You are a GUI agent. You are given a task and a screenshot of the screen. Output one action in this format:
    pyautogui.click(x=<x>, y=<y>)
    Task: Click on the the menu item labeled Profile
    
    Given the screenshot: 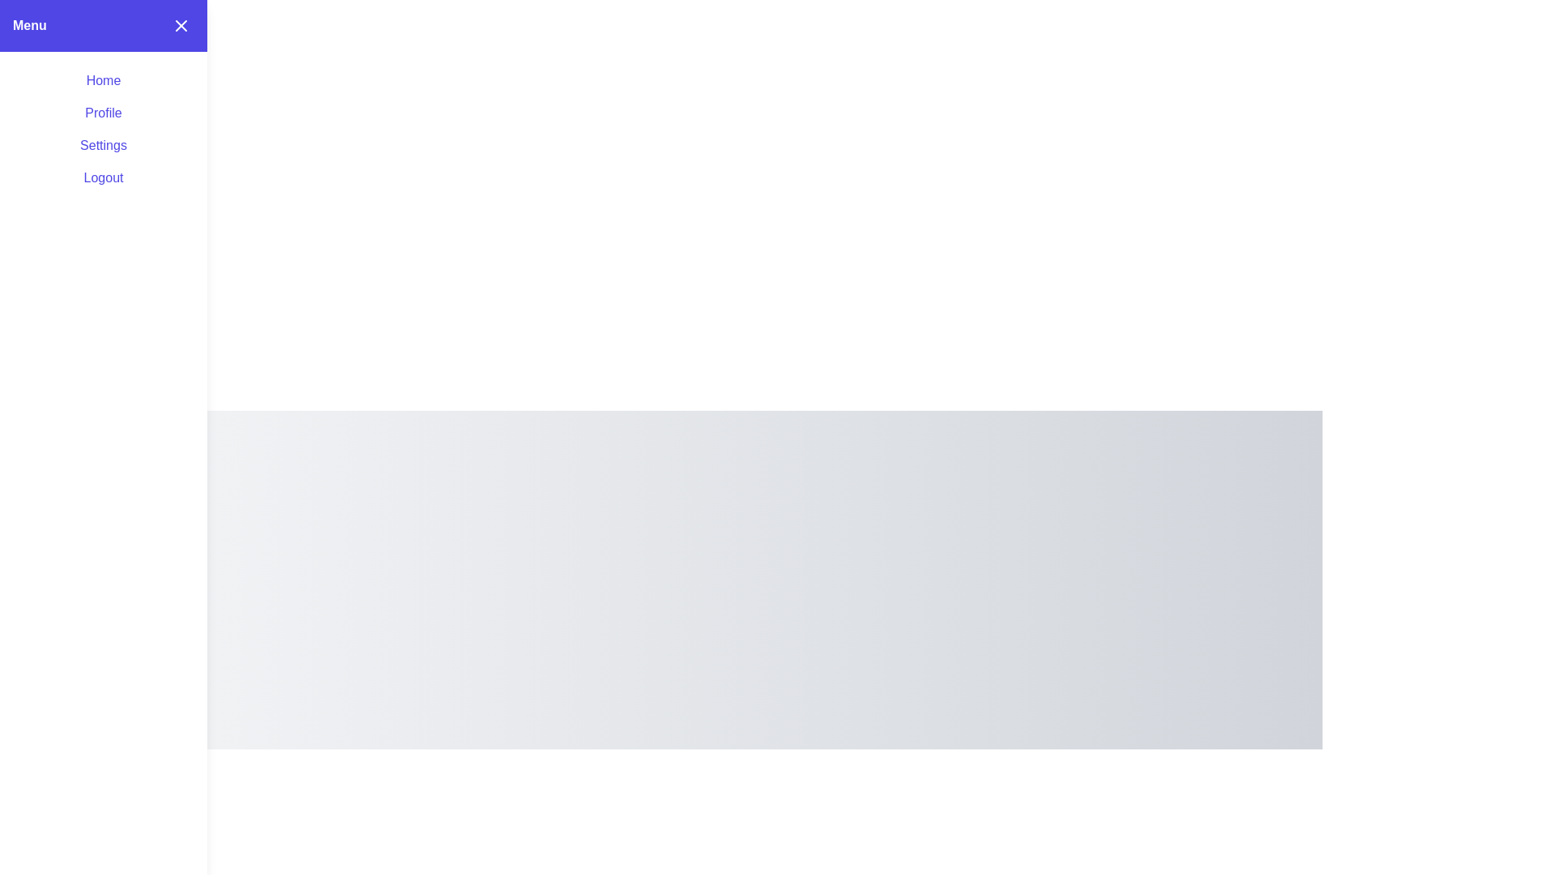 What is the action you would take?
    pyautogui.click(x=103, y=112)
    